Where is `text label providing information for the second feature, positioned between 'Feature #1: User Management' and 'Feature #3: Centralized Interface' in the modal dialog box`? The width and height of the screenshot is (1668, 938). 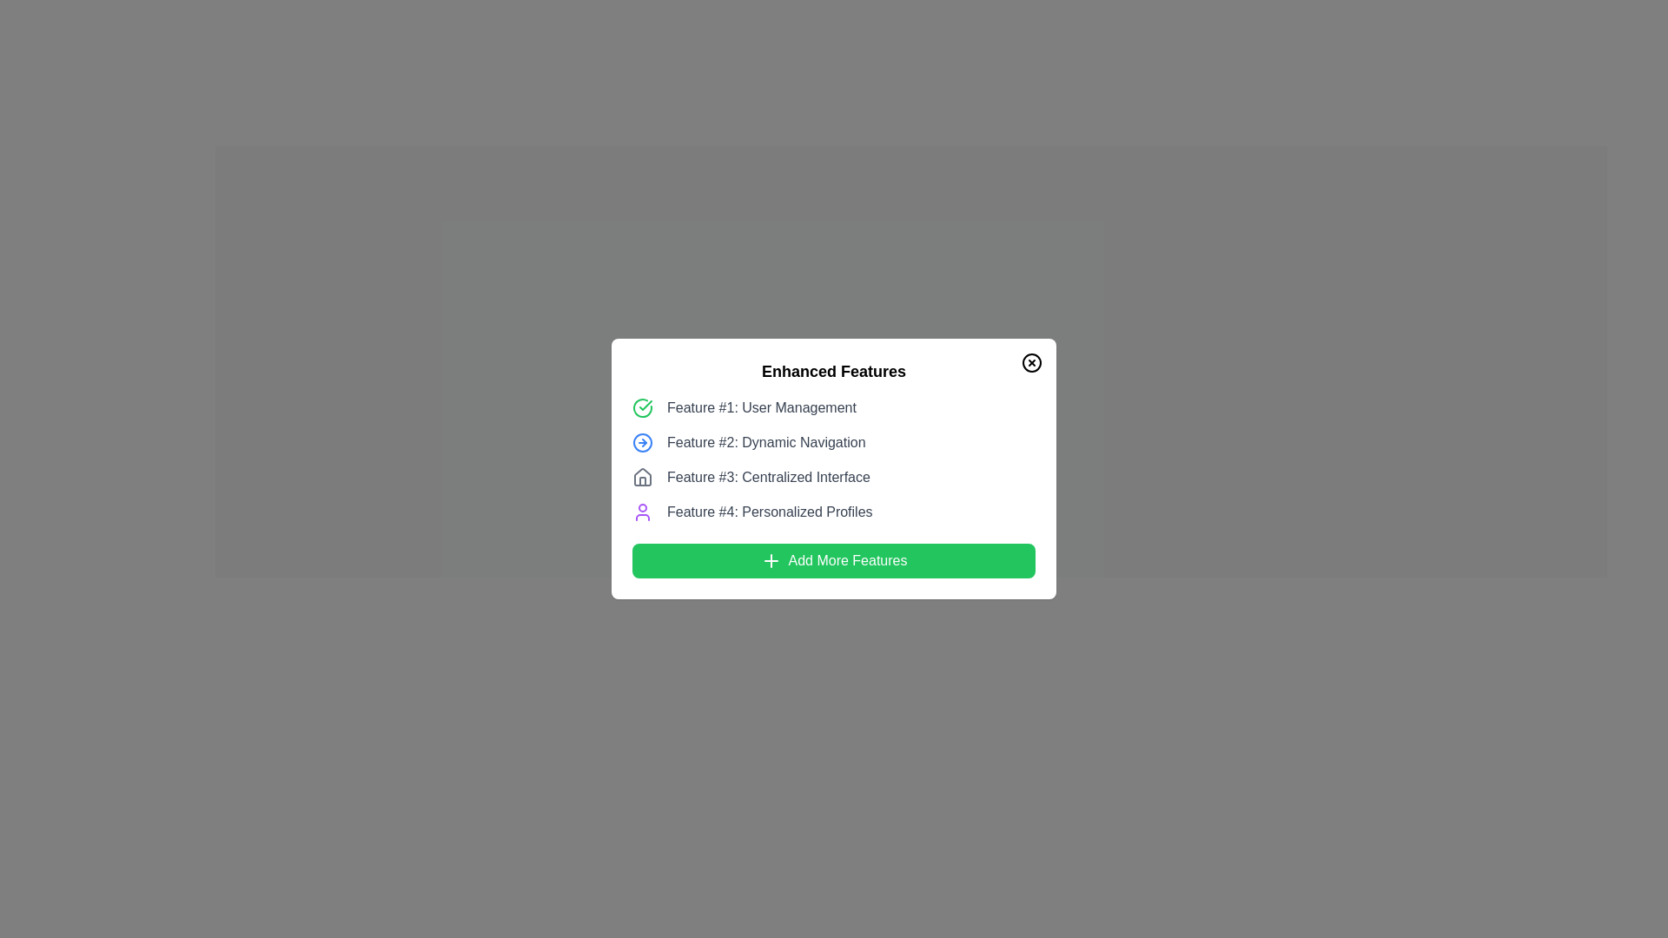 text label providing information for the second feature, positioned between 'Feature #1: User Management' and 'Feature #3: Centralized Interface' in the modal dialog box is located at coordinates (765, 441).